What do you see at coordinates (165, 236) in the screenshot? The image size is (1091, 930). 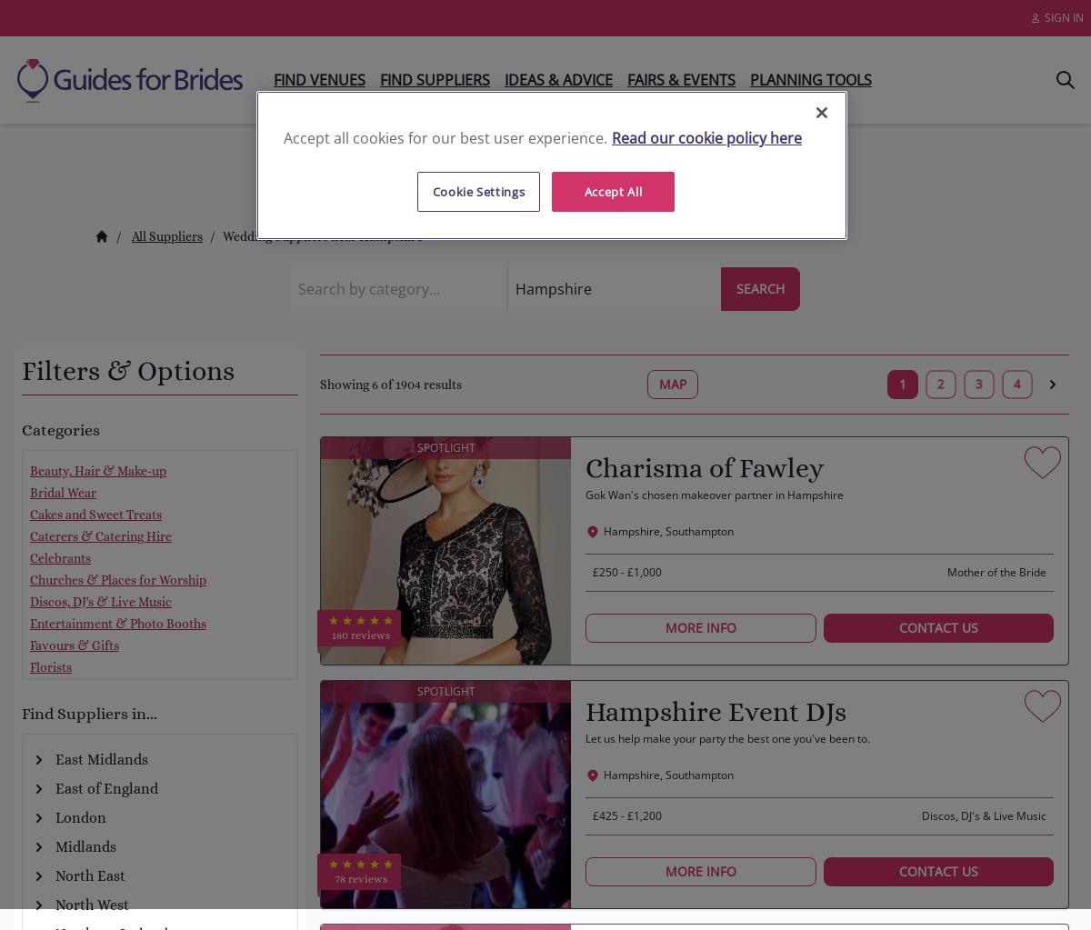 I see `'All Suppliers'` at bounding box center [165, 236].